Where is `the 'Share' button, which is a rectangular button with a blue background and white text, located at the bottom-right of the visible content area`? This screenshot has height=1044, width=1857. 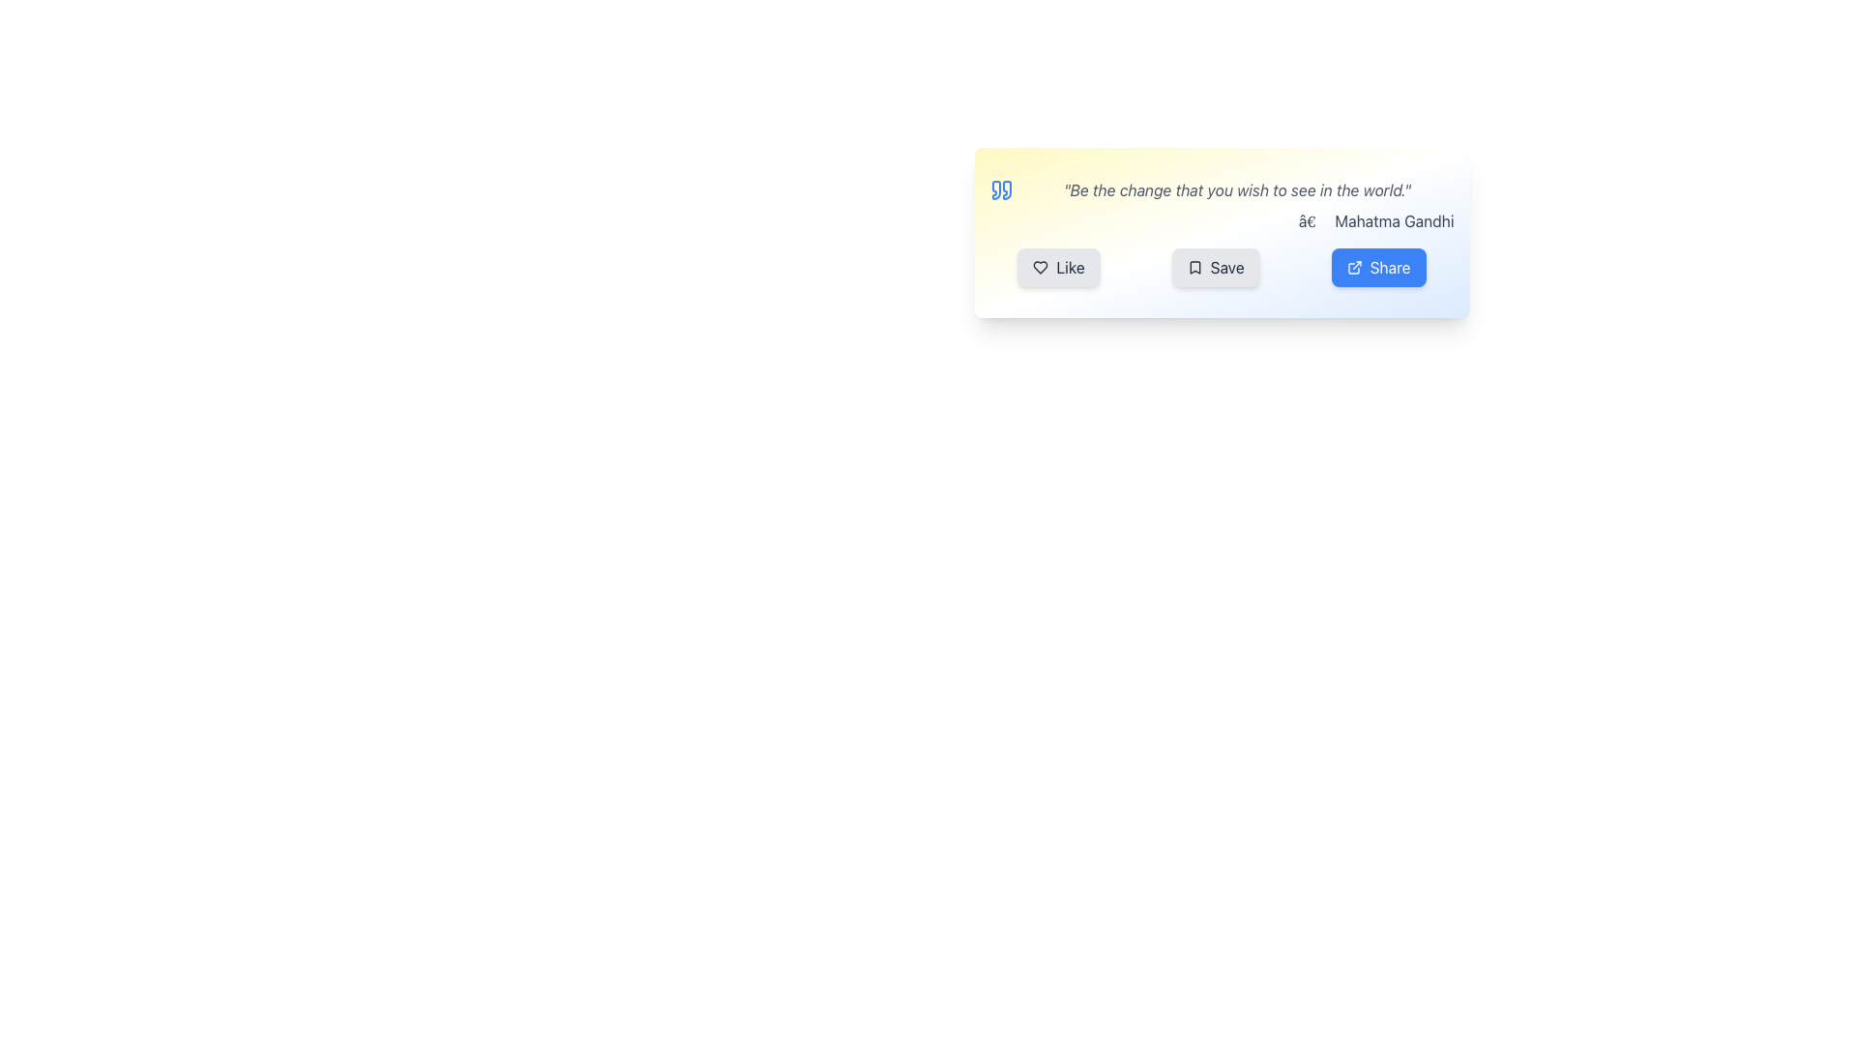
the 'Share' button, which is a rectangular button with a blue background and white text, located at the bottom-right of the visible content area is located at coordinates (1377, 268).